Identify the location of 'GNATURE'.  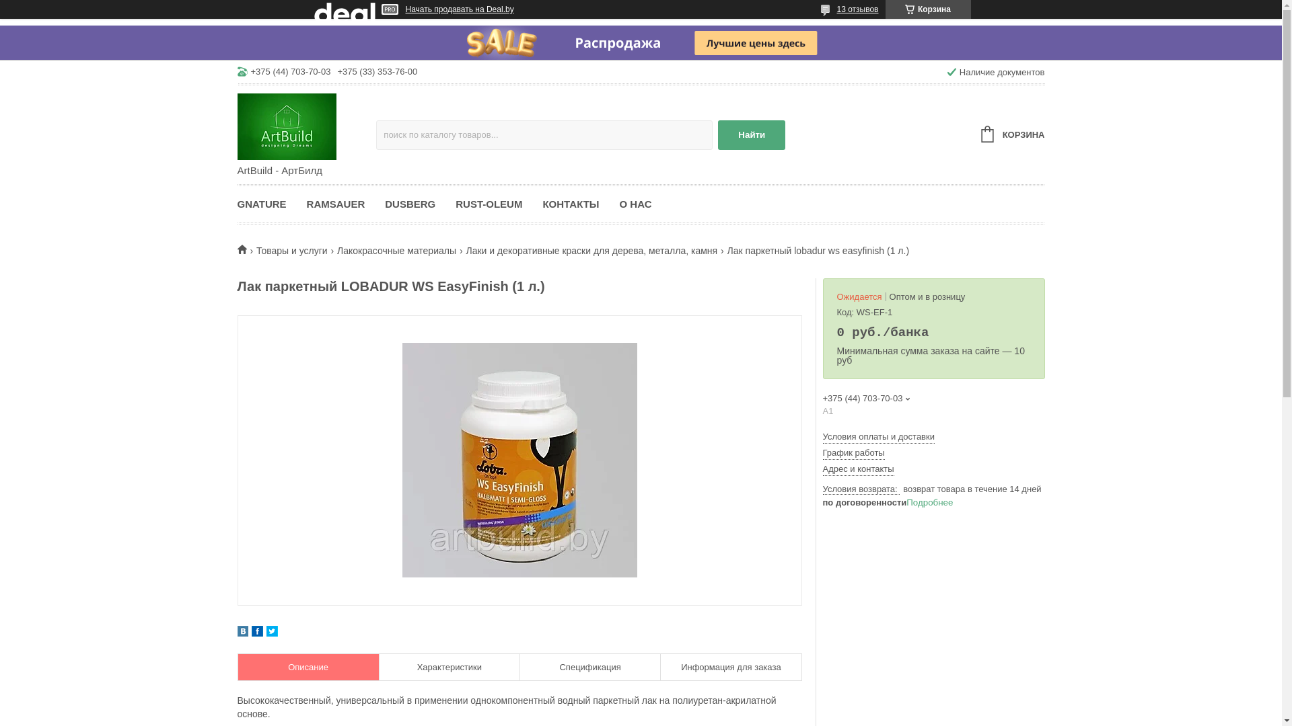
(236, 204).